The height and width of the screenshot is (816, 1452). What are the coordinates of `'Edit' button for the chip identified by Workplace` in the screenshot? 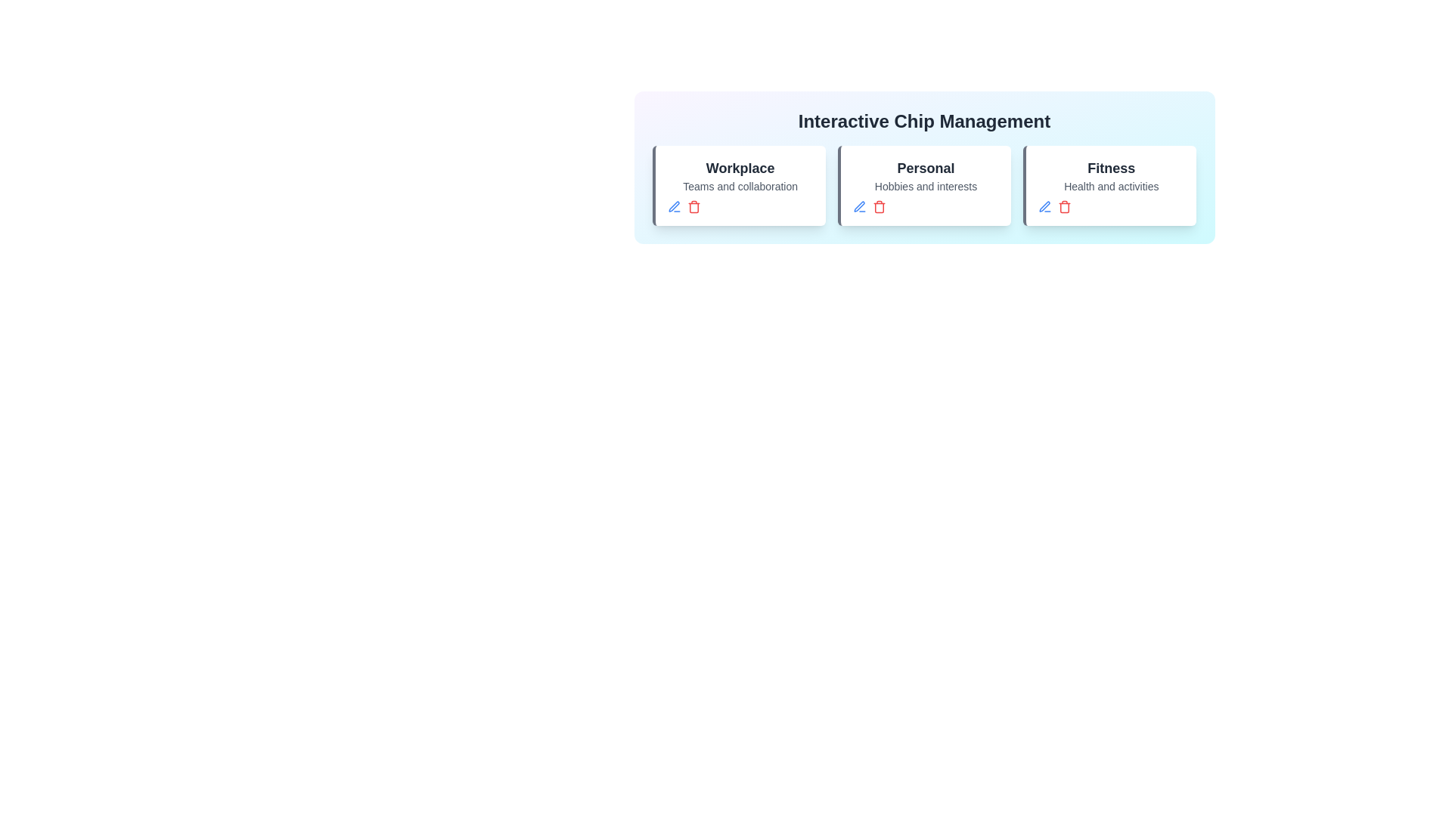 It's located at (673, 206).